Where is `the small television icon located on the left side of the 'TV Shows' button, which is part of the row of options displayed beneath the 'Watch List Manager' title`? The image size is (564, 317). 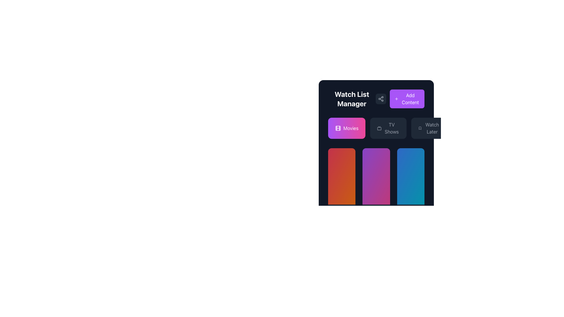
the small television icon located on the left side of the 'TV Shows' button, which is part of the row of options displayed beneath the 'Watch List Manager' title is located at coordinates (379, 128).